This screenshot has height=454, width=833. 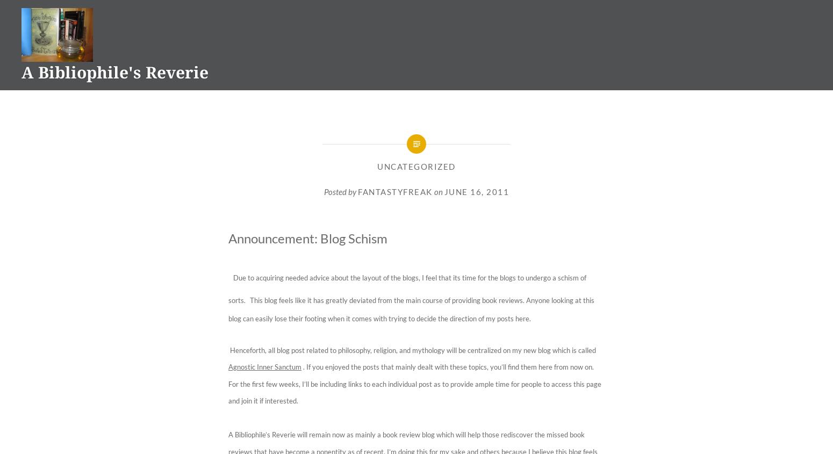 What do you see at coordinates (264, 366) in the screenshot?
I see `'Agnostic Inner Sanctum'` at bounding box center [264, 366].